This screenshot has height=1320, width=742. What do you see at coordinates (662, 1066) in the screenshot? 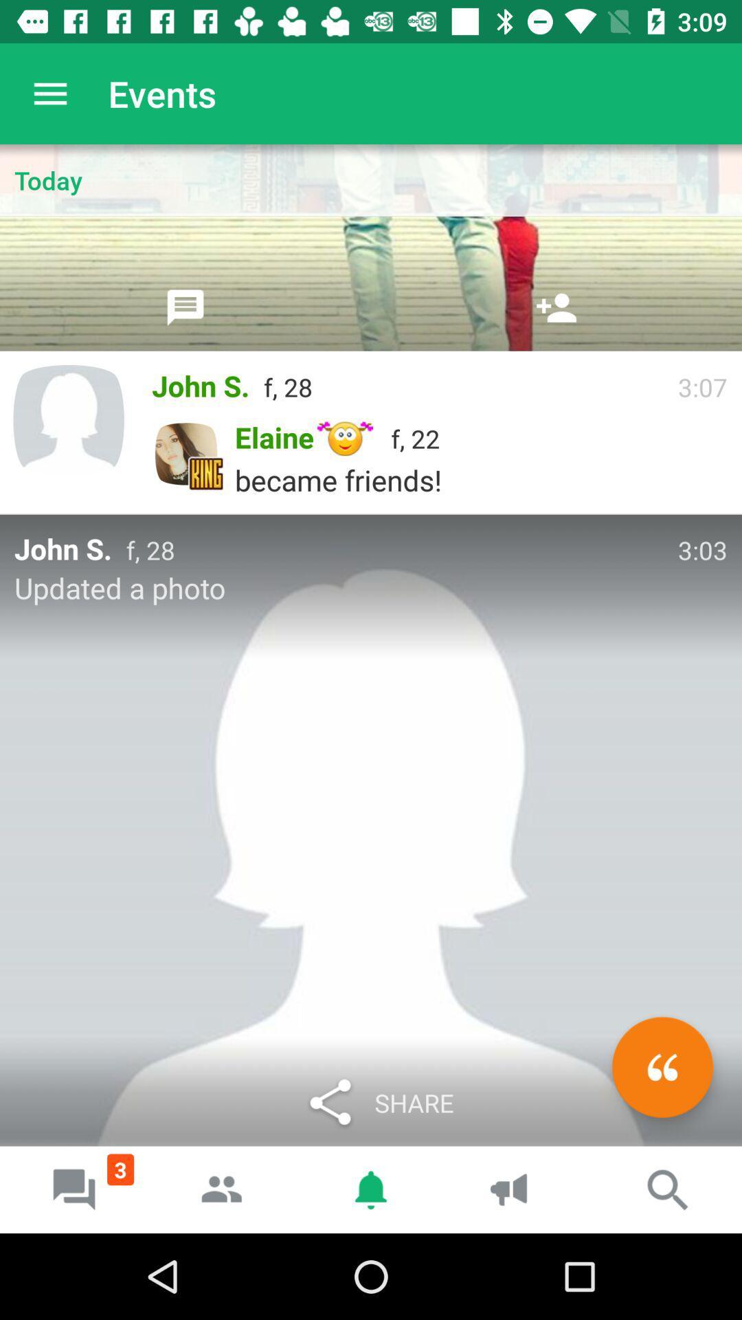
I see `comment` at bounding box center [662, 1066].